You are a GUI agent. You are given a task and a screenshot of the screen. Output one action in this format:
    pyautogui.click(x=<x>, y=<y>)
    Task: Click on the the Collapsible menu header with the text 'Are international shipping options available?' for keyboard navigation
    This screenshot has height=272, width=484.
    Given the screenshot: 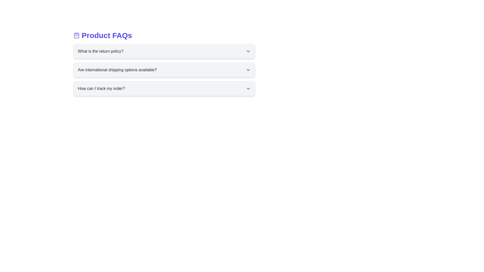 What is the action you would take?
    pyautogui.click(x=164, y=70)
    